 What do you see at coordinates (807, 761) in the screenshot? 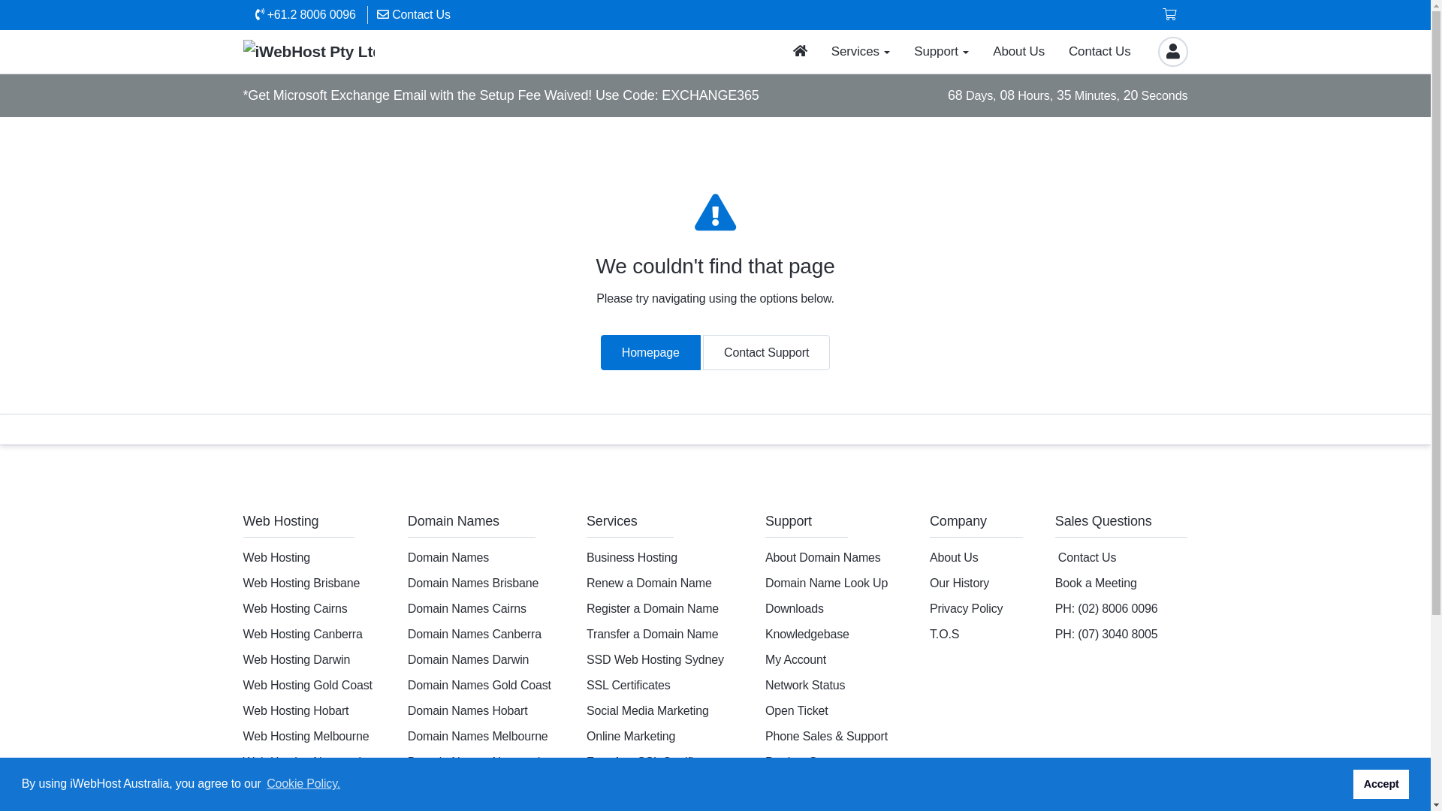
I see `'Product Support'` at bounding box center [807, 761].